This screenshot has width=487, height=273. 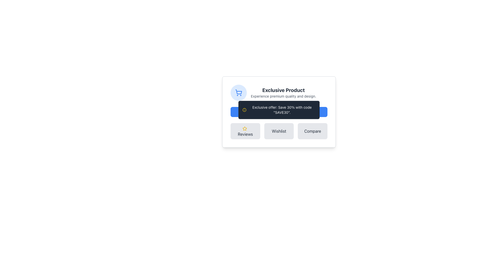 What do you see at coordinates (279, 110) in the screenshot?
I see `the promotional banner Text Label with Icon that informs users about a discount offer, located centrally below the header and above the buttons` at bounding box center [279, 110].